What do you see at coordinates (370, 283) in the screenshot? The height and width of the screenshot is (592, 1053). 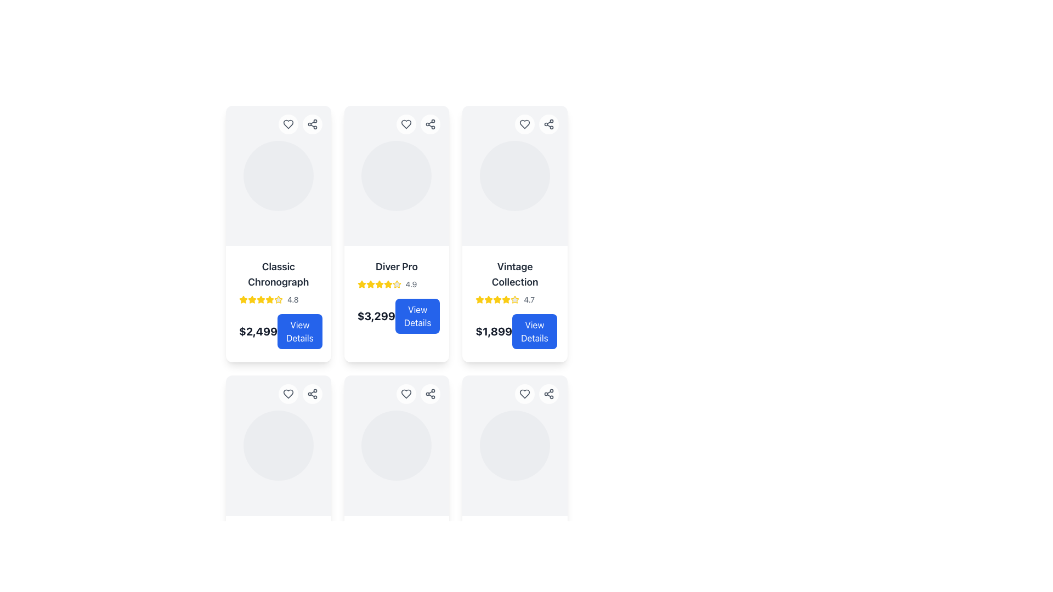 I see `the star rating icon located in the ratings section of the second product card in the top row of the grid, positioned before the numerical rating value` at bounding box center [370, 283].